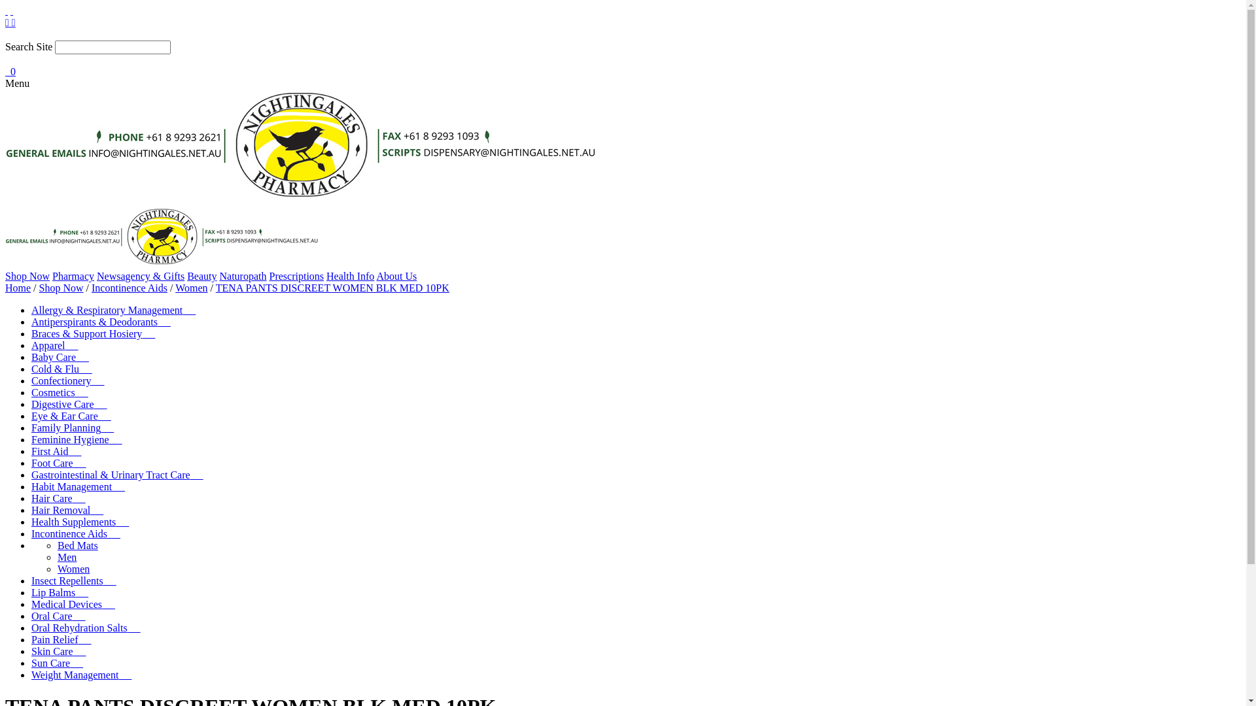 The image size is (1256, 706). Describe the element at coordinates (59, 357) in the screenshot. I see `'Baby Care     '` at that location.